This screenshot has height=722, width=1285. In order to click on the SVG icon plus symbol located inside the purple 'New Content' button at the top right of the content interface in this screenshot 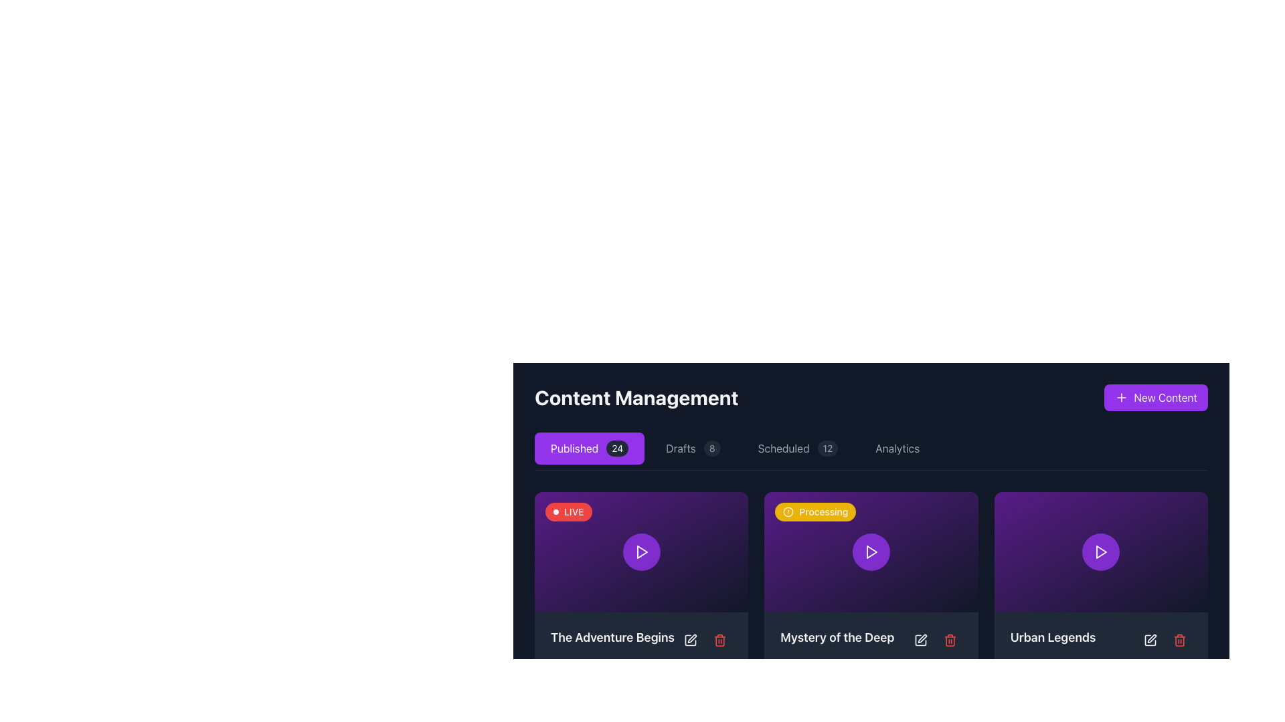, I will do `click(1122, 396)`.